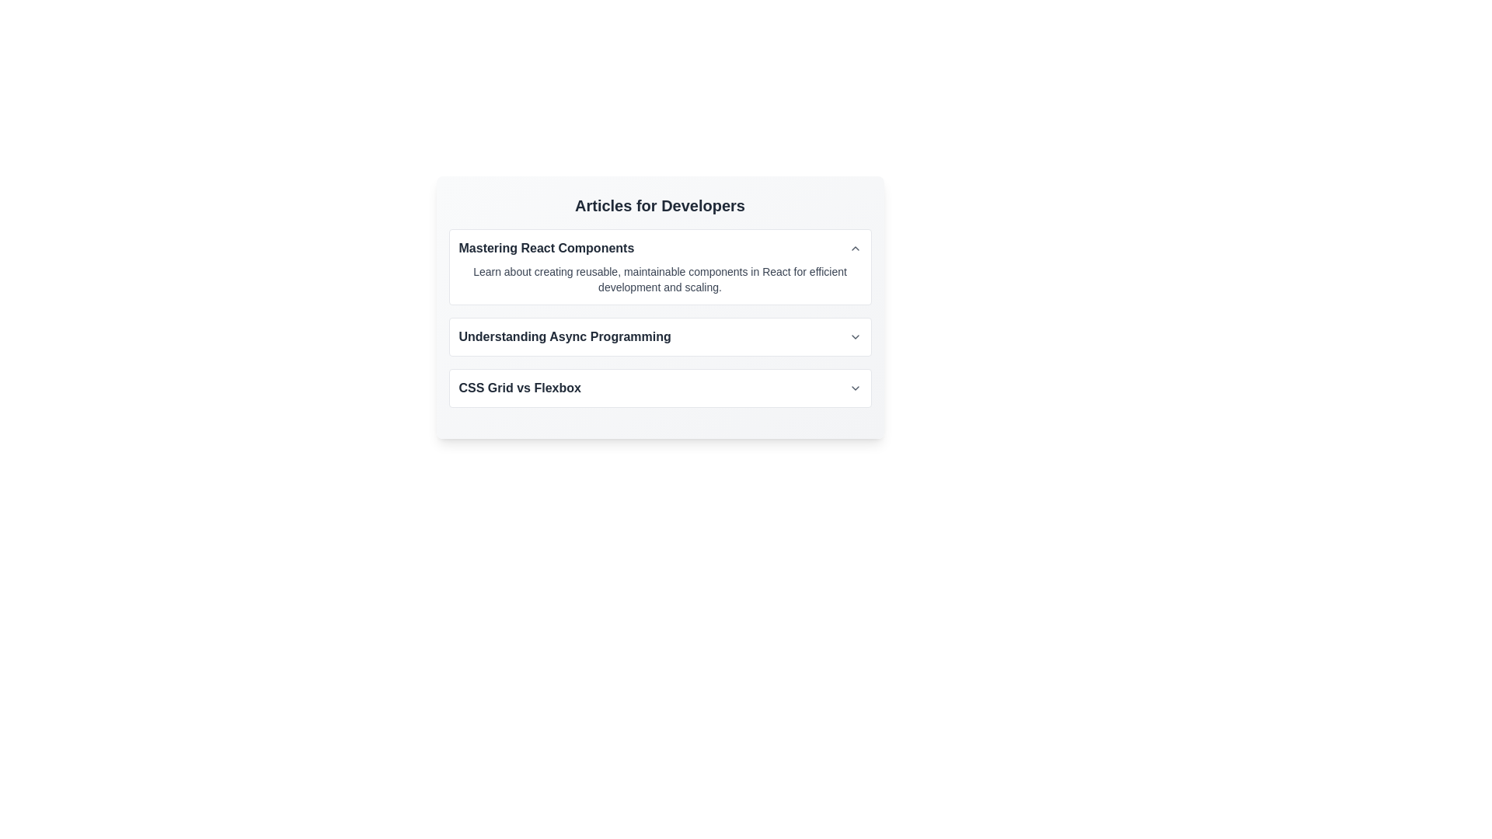 The width and height of the screenshot is (1492, 839). Describe the element at coordinates (854, 388) in the screenshot. I see `the toggle icon located at the bottom of the 'CSS Grid vs Flexbox' section within the 'Articles for Developers' list` at that location.